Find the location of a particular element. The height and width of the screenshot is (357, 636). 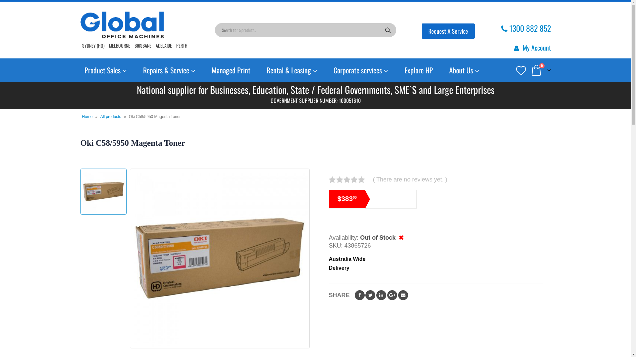

'Facebook' is located at coordinates (354, 295).